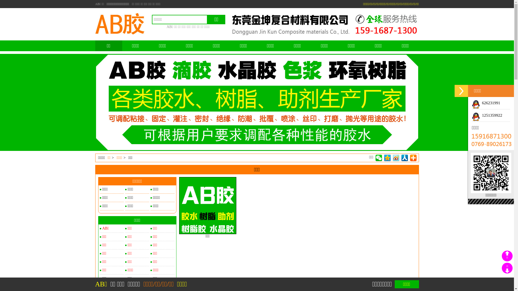  Describe the element at coordinates (486, 103) in the screenshot. I see `'  626231991'` at that location.